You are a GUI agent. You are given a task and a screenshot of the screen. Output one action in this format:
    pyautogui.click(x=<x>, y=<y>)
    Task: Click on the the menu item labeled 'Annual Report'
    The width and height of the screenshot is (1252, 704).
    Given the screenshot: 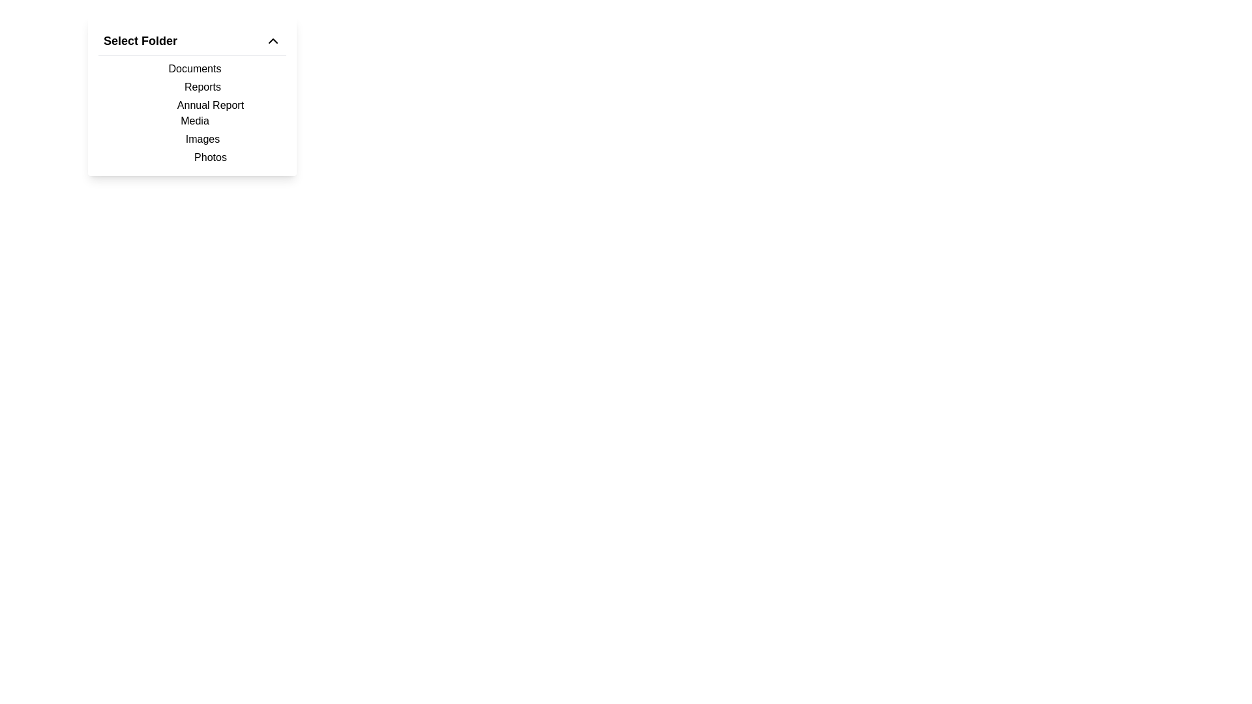 What is the action you would take?
    pyautogui.click(x=191, y=110)
    